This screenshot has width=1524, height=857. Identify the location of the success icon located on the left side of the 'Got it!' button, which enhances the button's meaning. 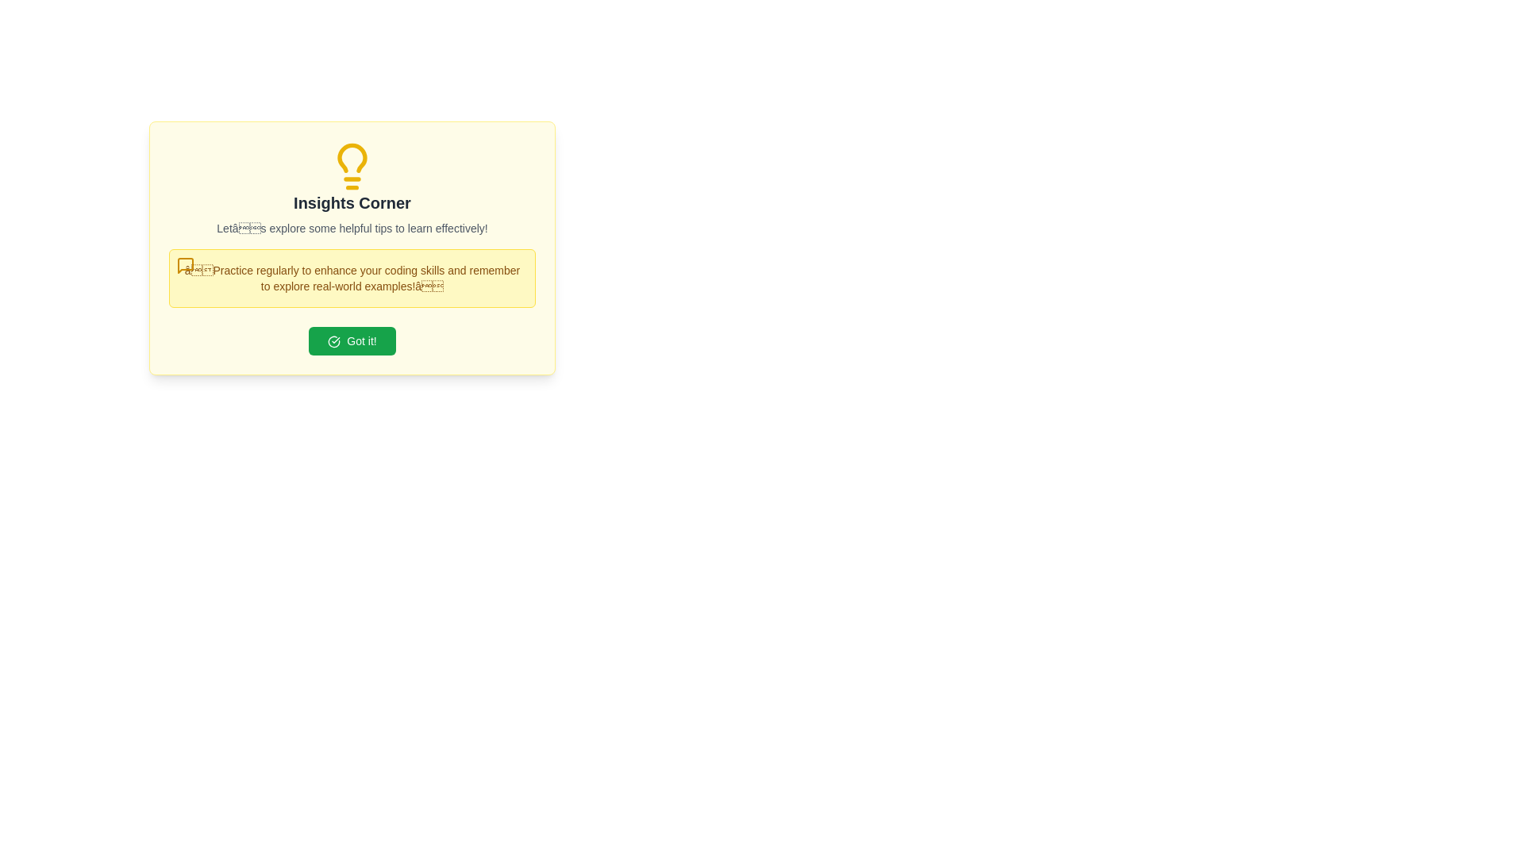
(333, 341).